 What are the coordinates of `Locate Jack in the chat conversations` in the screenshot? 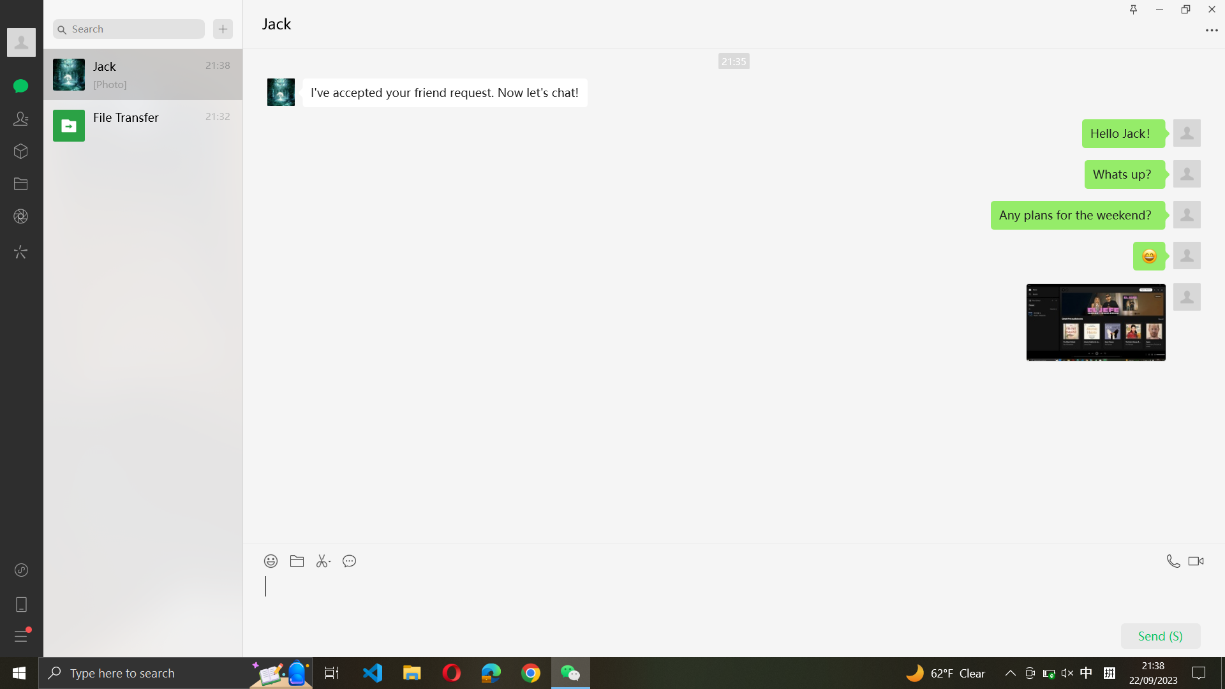 It's located at (128, 28).